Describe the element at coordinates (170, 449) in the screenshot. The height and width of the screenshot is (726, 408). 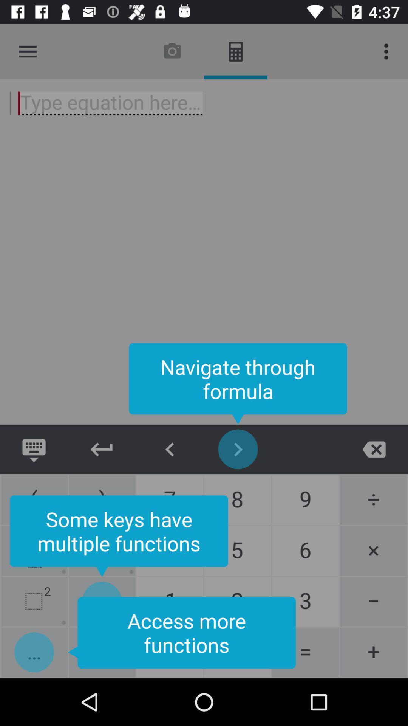
I see `icon below the navigate through formula icon` at that location.